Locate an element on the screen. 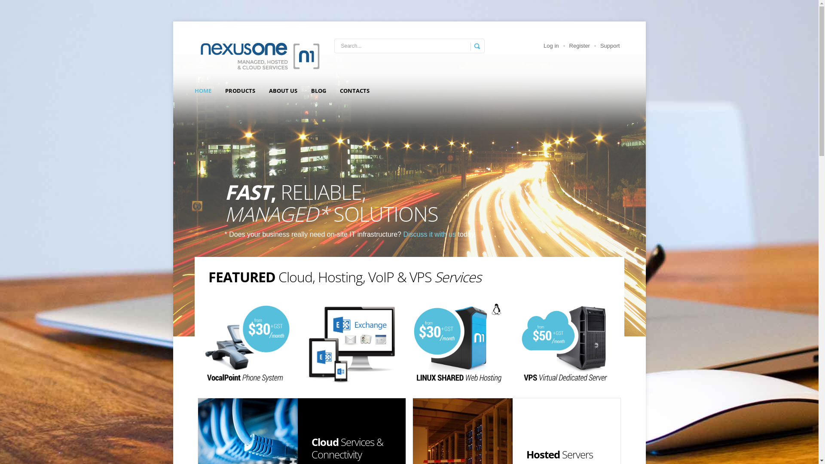 This screenshot has height=464, width=825. 'ABOUT US' is located at coordinates (283, 91).